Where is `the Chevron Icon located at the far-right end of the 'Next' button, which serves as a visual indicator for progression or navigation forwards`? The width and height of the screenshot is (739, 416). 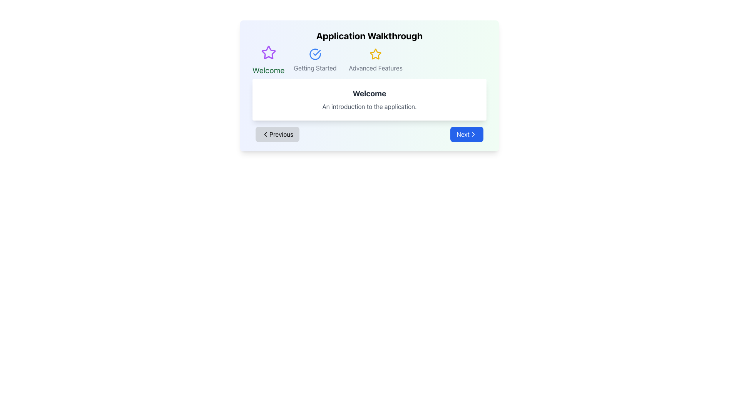 the Chevron Icon located at the far-right end of the 'Next' button, which serves as a visual indicator for progression or navigation forwards is located at coordinates (473, 134).